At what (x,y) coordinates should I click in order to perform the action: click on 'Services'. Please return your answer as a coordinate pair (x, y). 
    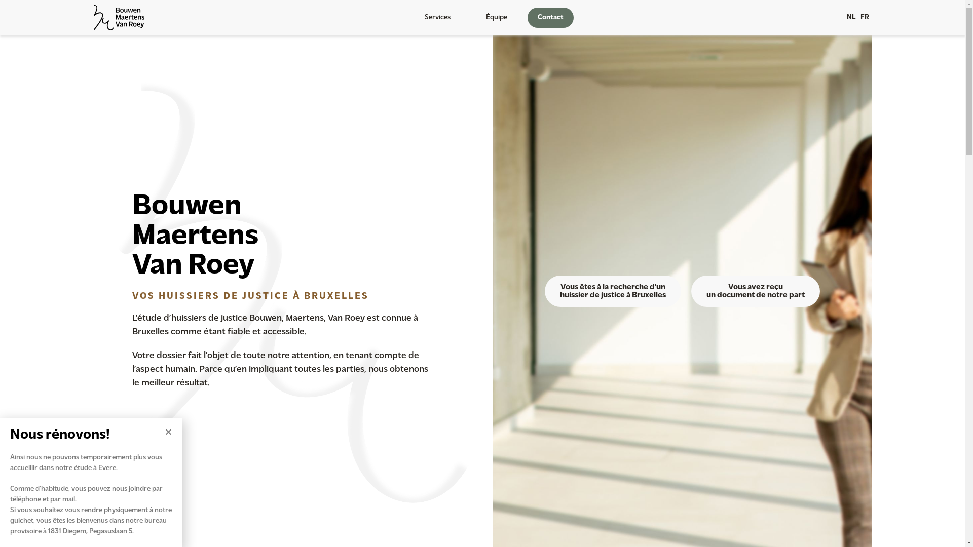
    Looking at the image, I should click on (440, 17).